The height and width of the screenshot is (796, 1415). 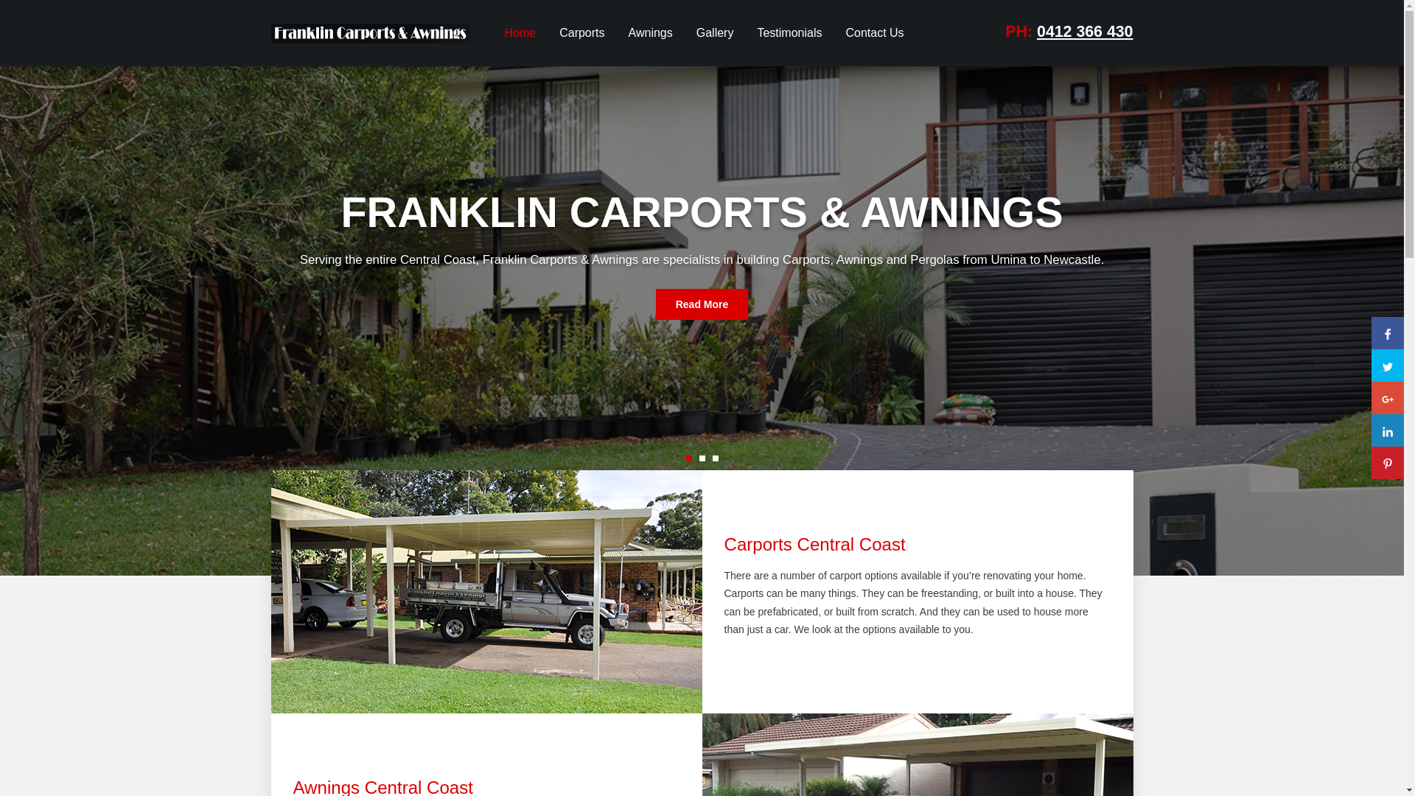 I want to click on 'Gallery', so click(x=685, y=33).